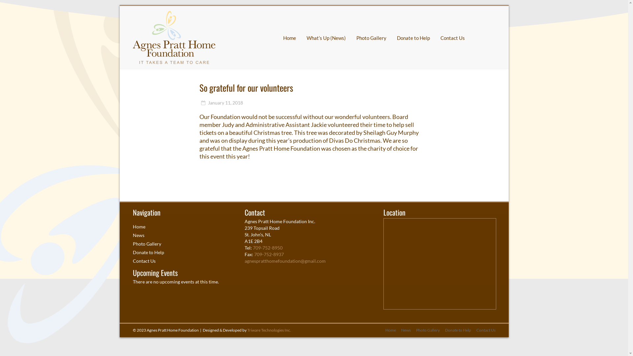 The height and width of the screenshot is (356, 633). What do you see at coordinates (267, 248) in the screenshot?
I see `'709-752-8950'` at bounding box center [267, 248].